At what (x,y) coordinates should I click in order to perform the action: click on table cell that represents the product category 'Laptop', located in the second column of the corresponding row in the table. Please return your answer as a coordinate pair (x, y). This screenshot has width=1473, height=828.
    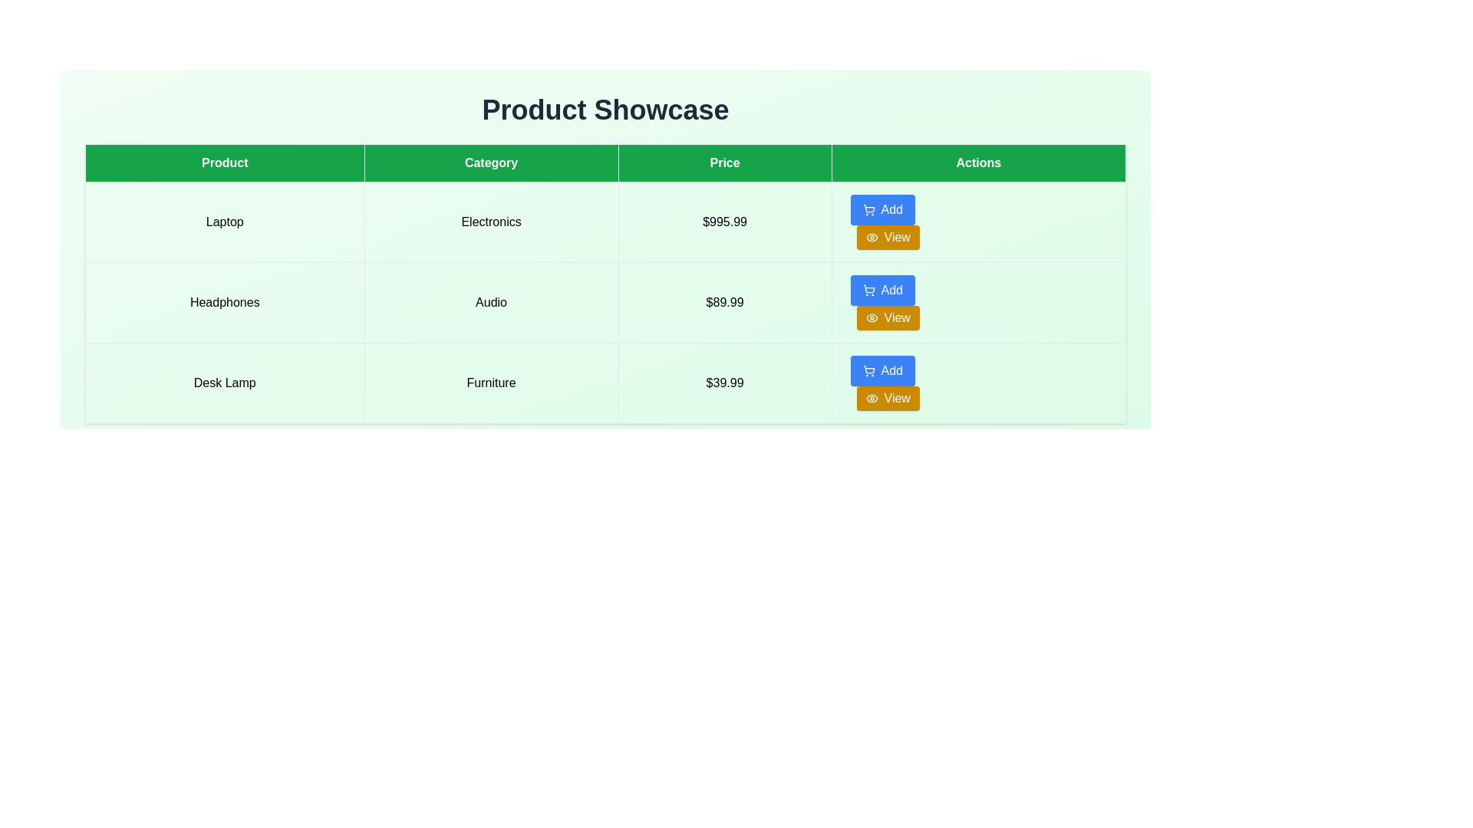
    Looking at the image, I should click on (491, 222).